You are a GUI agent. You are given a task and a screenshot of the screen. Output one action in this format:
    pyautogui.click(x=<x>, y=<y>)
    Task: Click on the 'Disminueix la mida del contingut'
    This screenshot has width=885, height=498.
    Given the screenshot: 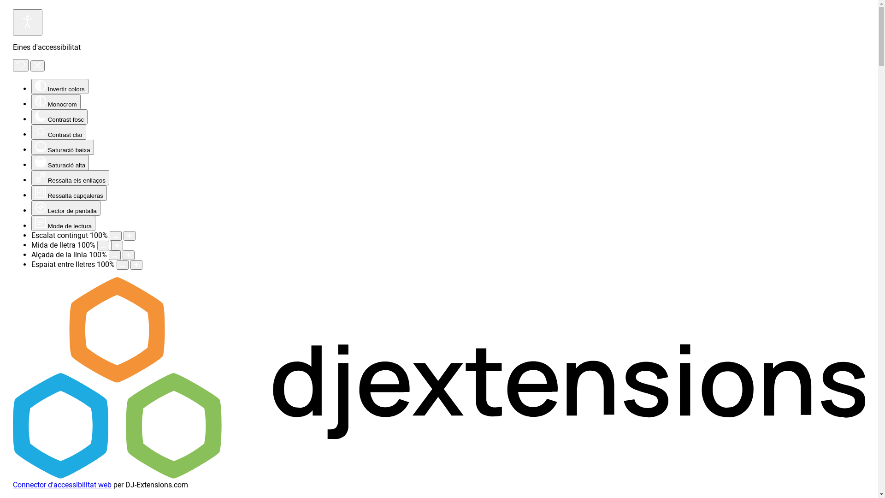 What is the action you would take?
    pyautogui.click(x=115, y=235)
    